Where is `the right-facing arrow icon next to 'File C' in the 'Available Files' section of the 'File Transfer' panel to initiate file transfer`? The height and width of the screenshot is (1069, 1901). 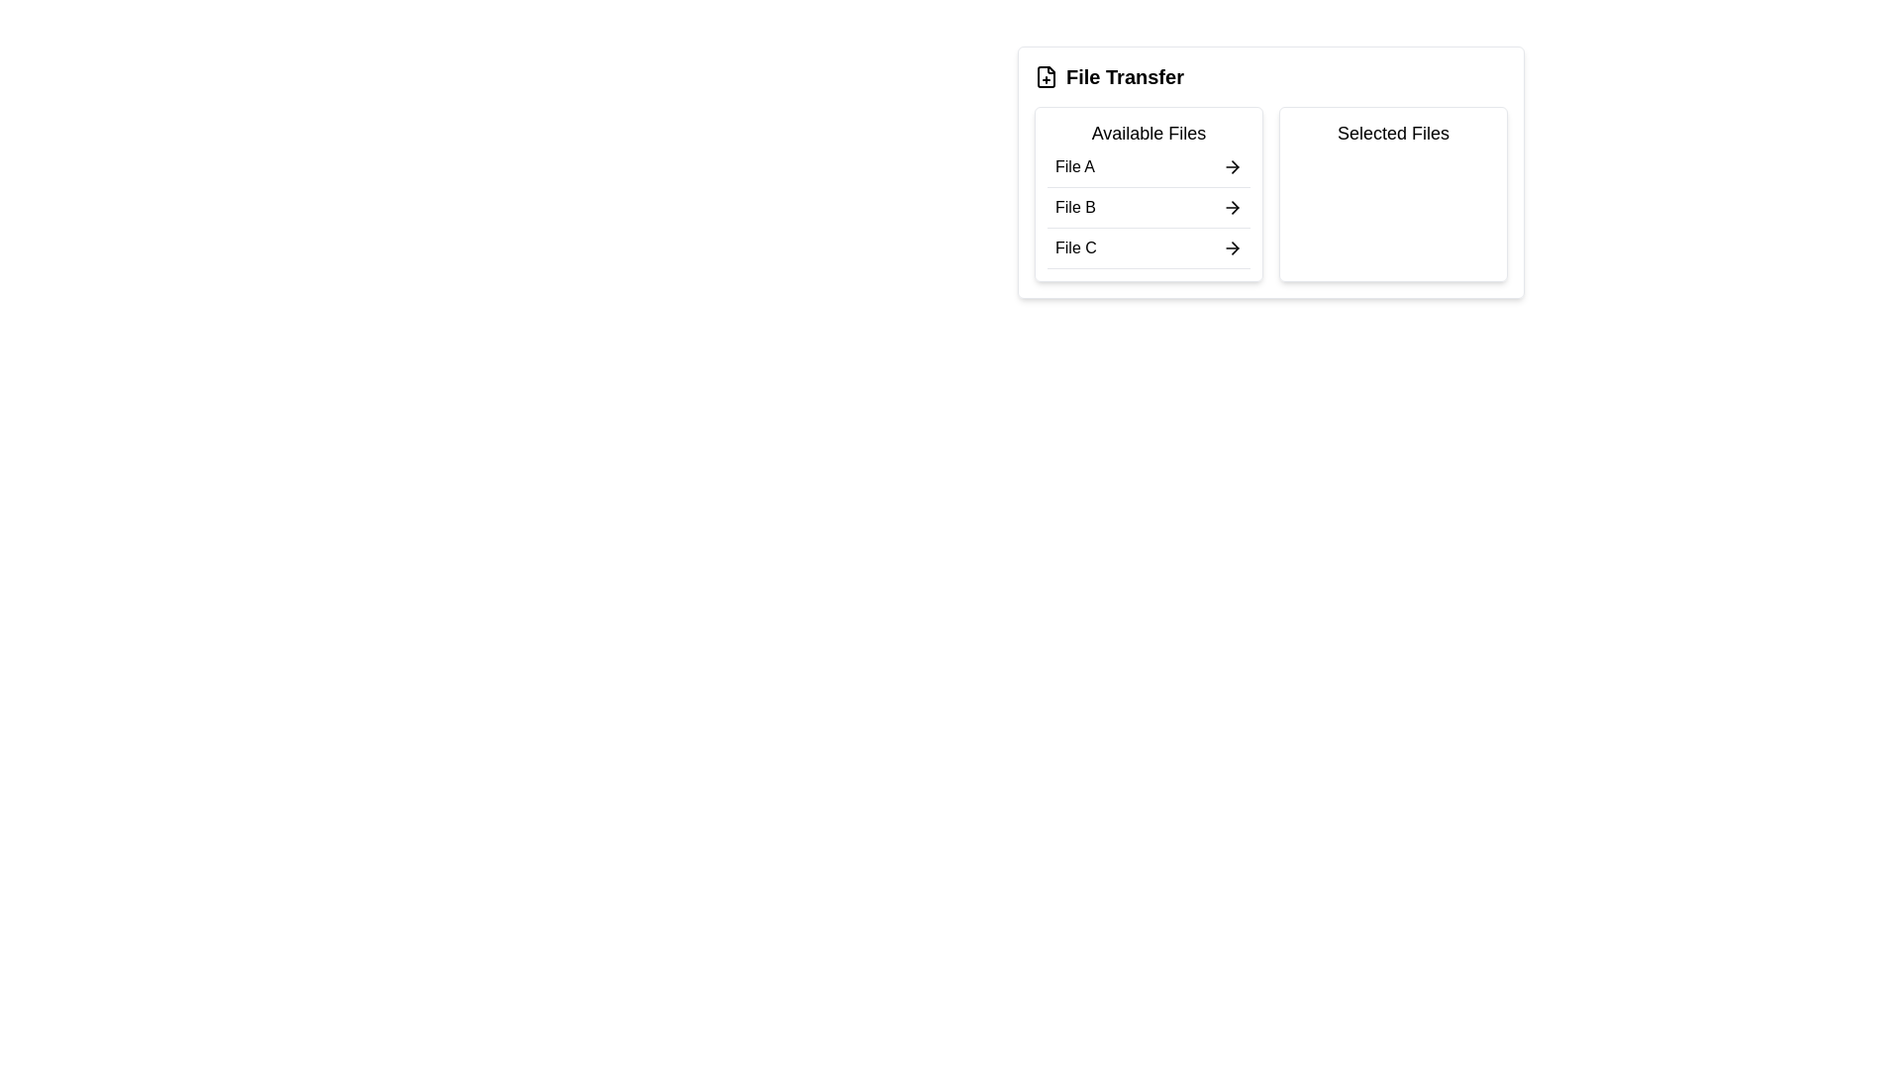
the right-facing arrow icon next to 'File C' in the 'Available Files' section of the 'File Transfer' panel to initiate file transfer is located at coordinates (1231, 246).